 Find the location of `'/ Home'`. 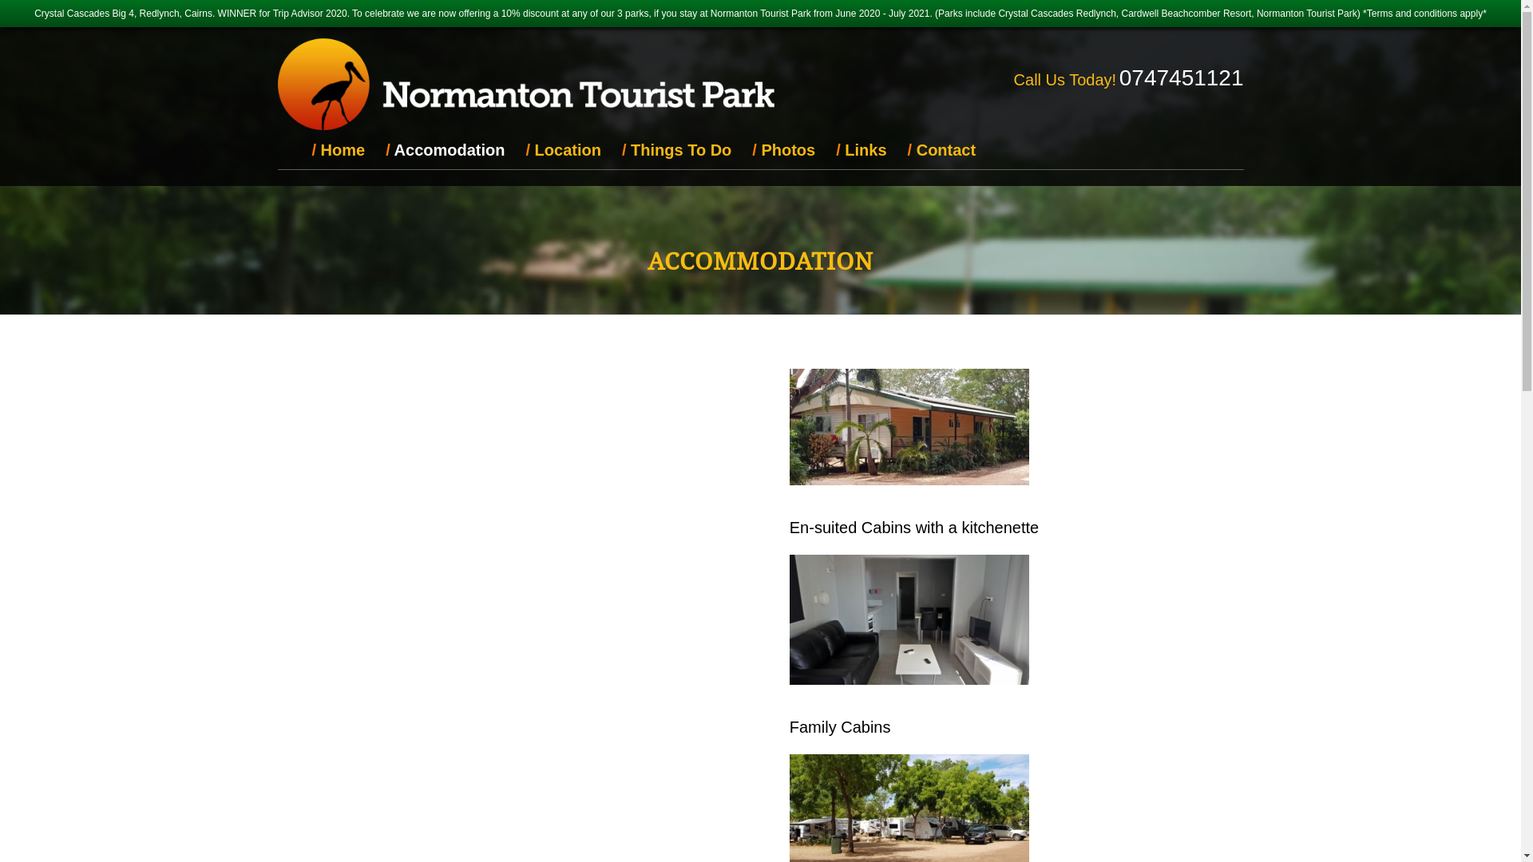

'/ Home' is located at coordinates (338, 150).